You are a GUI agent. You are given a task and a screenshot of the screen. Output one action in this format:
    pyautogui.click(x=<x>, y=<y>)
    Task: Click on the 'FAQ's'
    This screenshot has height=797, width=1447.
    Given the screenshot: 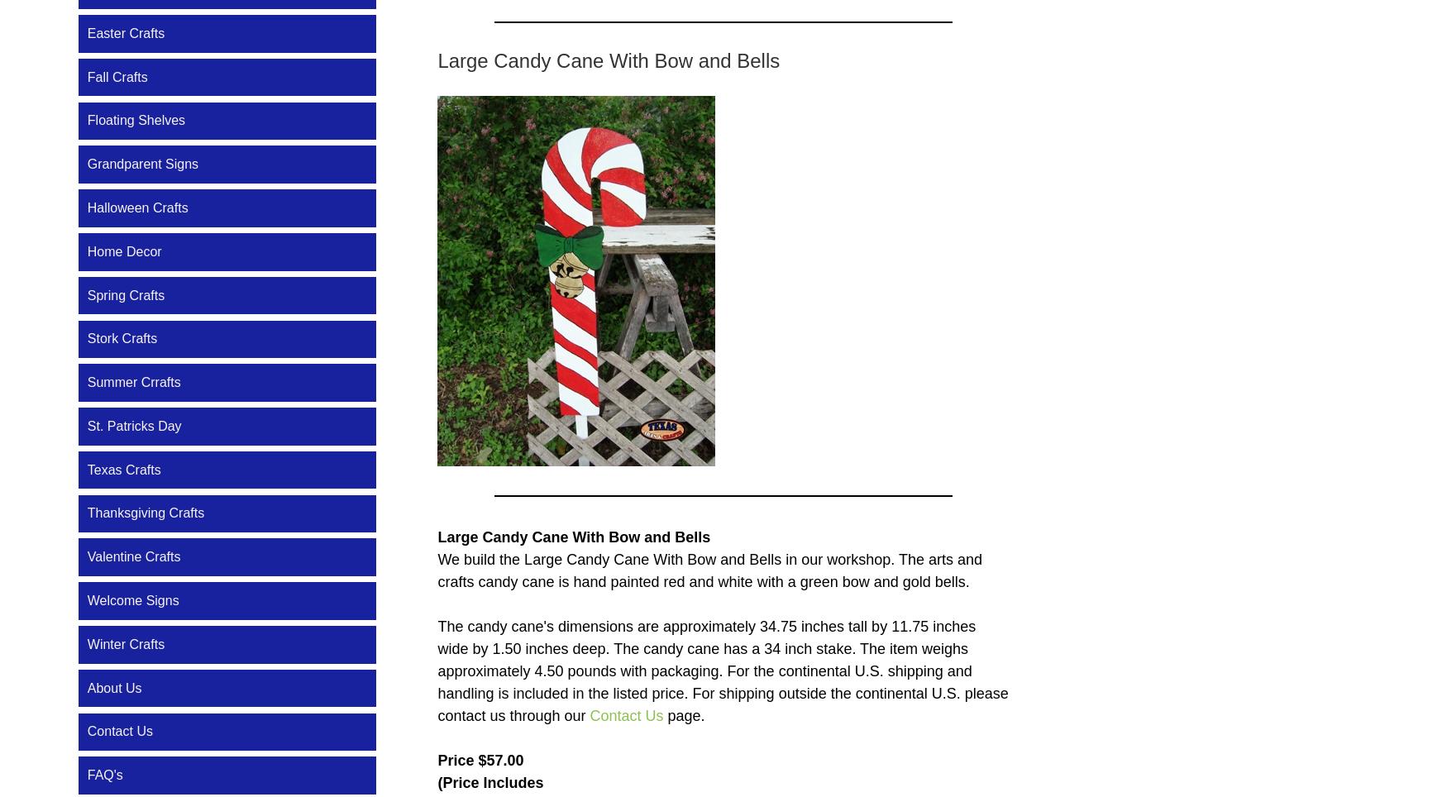 What is the action you would take?
    pyautogui.click(x=87, y=775)
    